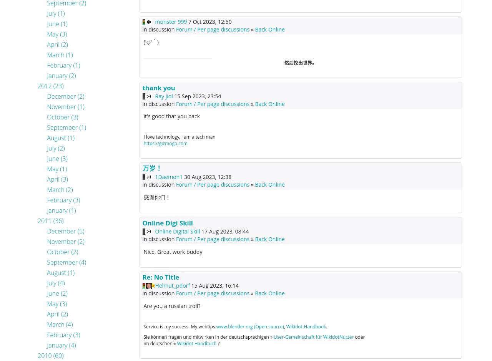 The height and width of the screenshot is (361, 492). What do you see at coordinates (65, 106) in the screenshot?
I see `'November (1)'` at bounding box center [65, 106].